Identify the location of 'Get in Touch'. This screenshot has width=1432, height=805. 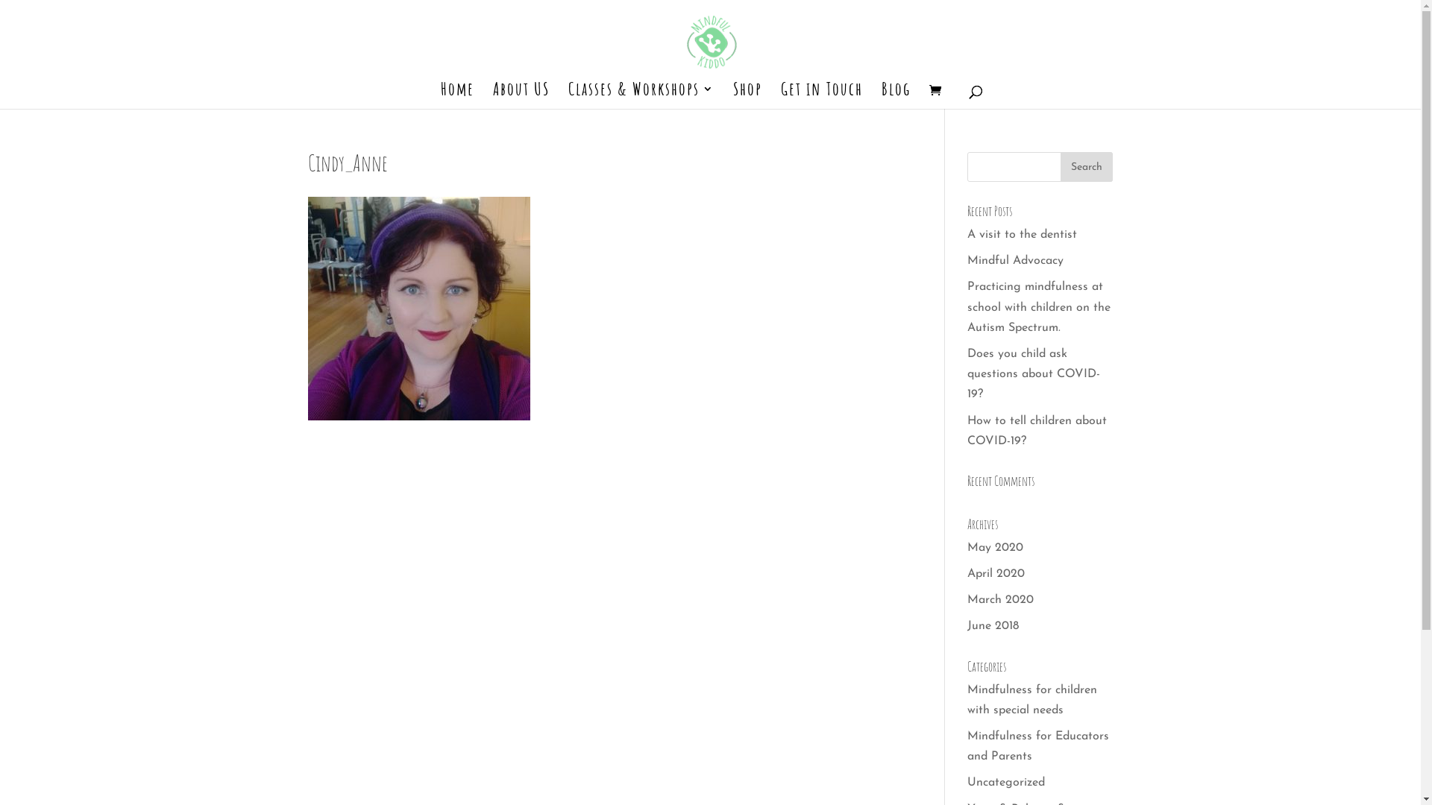
(820, 95).